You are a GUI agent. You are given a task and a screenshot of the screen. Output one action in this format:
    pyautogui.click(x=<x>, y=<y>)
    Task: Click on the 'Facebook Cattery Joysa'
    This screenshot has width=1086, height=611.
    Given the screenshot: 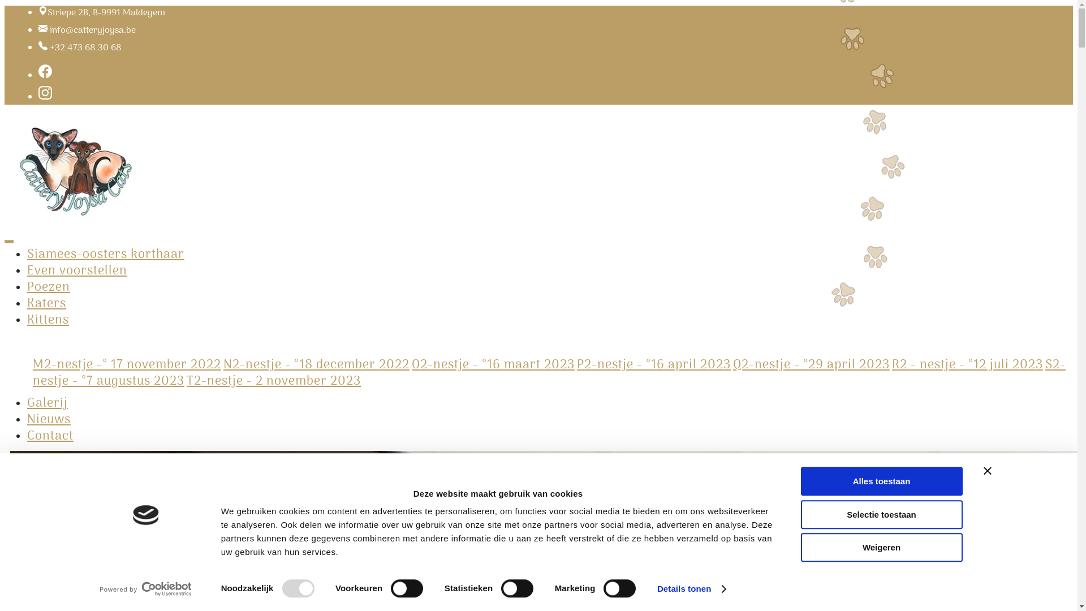 What is the action you would take?
    pyautogui.click(x=45, y=76)
    